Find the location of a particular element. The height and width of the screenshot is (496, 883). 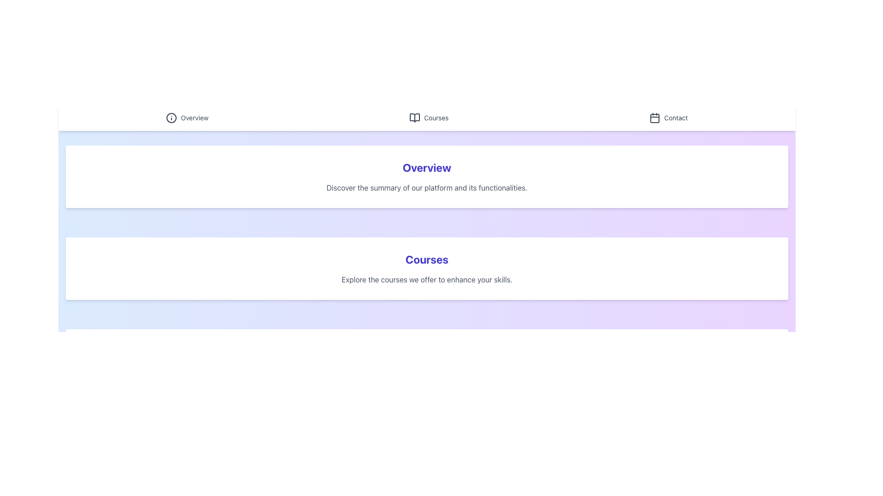

the text of the bold heading element displaying 'Overview', which is styled in indigo color and located at the top of a white rounded rectangle section is located at coordinates (426, 168).